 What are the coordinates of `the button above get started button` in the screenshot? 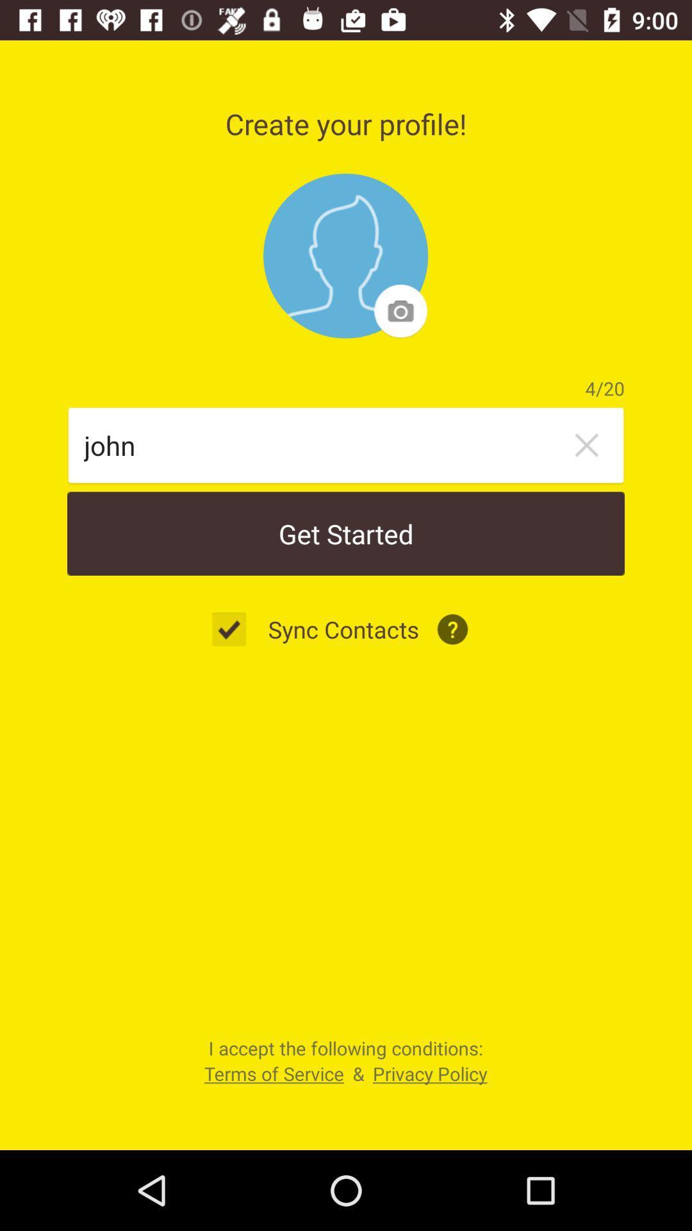 It's located at (586, 445).